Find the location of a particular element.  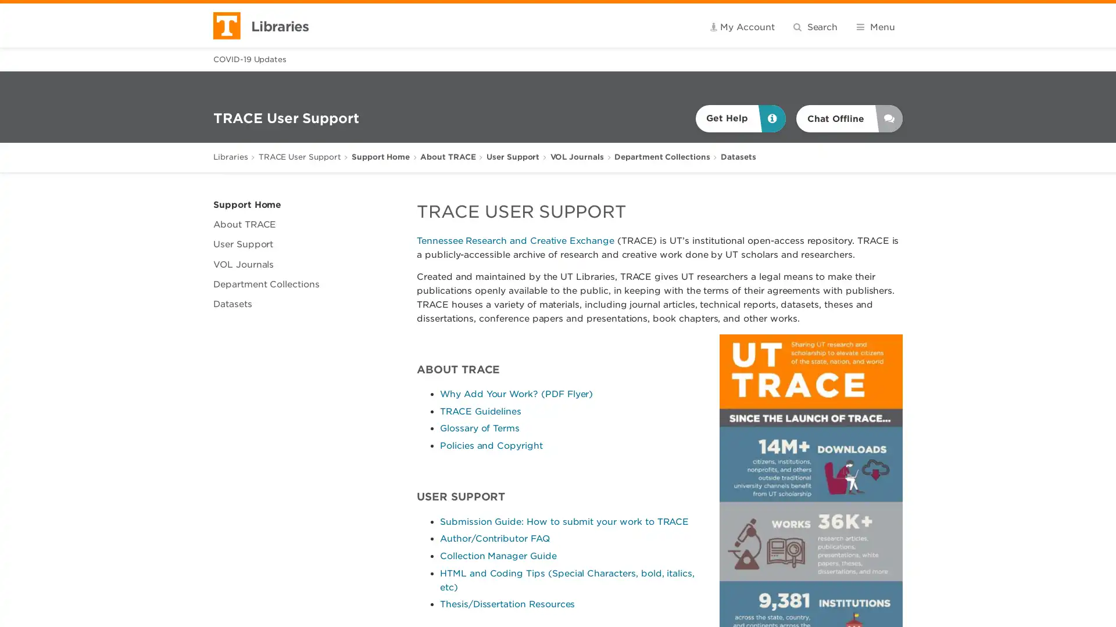

Submit search is located at coordinates (878, 26).